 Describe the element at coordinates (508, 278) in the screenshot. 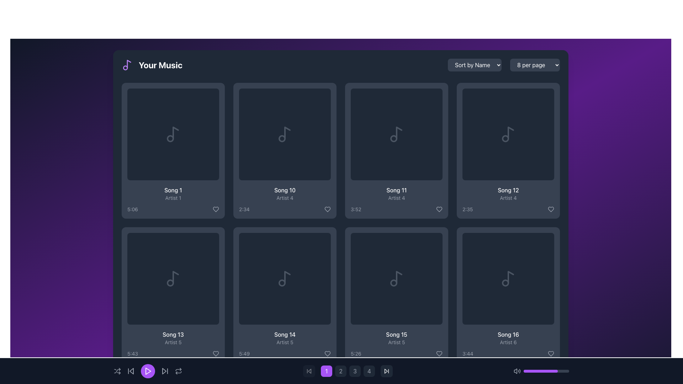

I see `the musical note icon with a gray outline in the lower-right panel` at that location.